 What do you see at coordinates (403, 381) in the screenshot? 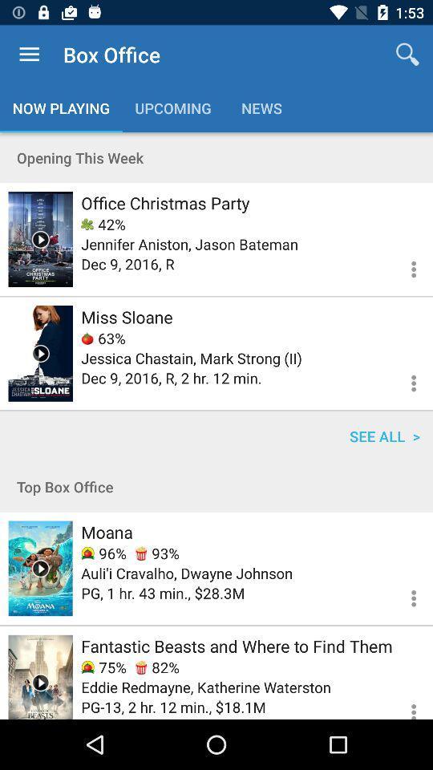
I see `more options` at bounding box center [403, 381].